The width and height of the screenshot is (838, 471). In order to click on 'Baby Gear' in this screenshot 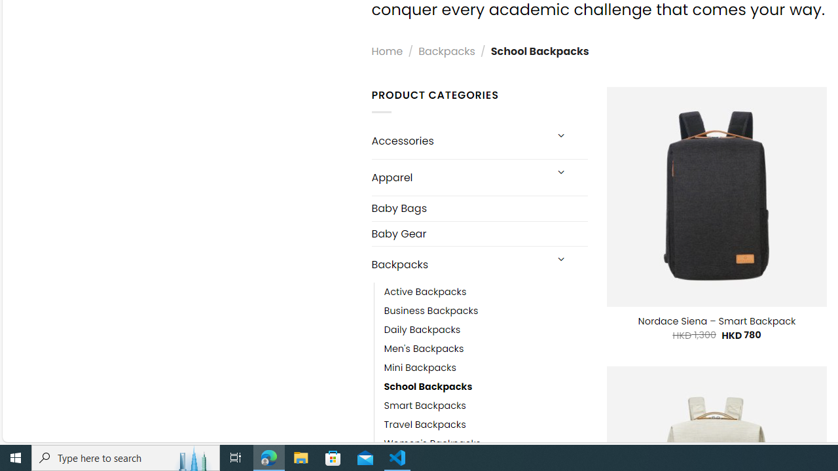, I will do `click(479, 233)`.